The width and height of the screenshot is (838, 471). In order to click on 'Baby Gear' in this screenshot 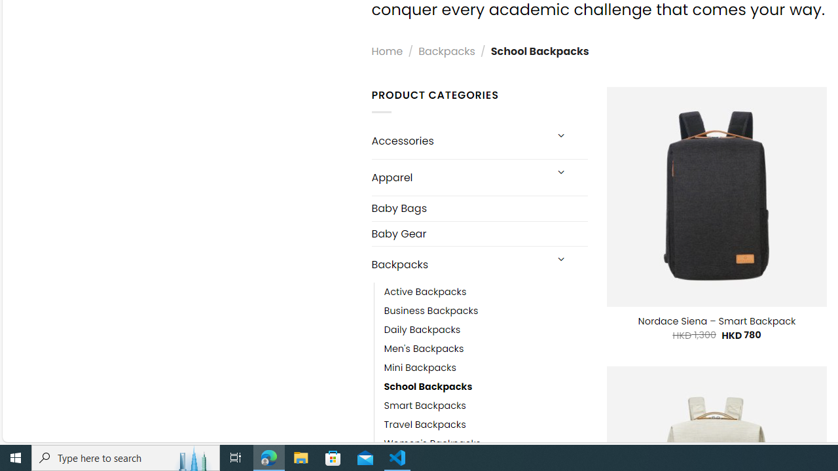, I will do `click(479, 233)`.